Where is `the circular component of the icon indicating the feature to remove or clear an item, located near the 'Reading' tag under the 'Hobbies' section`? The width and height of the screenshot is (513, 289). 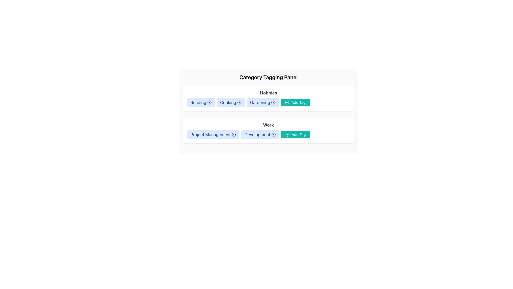
the circular component of the icon indicating the feature to remove or clear an item, located near the 'Reading' tag under the 'Hobbies' section is located at coordinates (209, 102).